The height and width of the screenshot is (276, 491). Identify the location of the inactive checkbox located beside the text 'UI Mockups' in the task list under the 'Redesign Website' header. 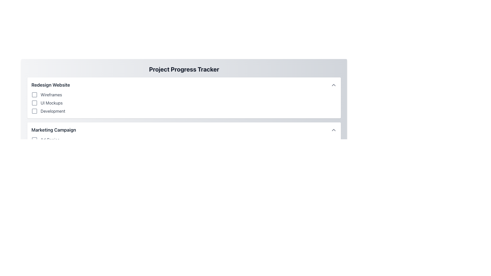
(34, 103).